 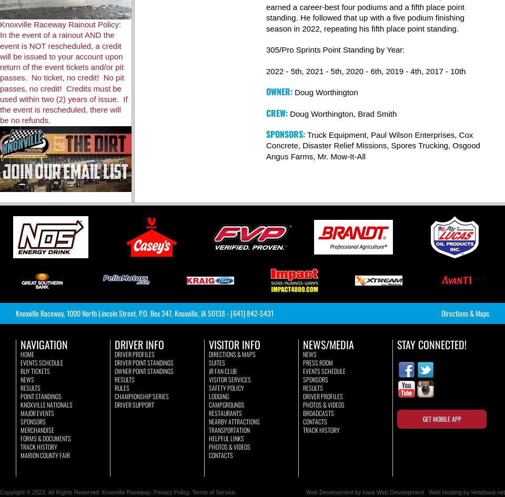 I want to click on 'Championship Series', so click(x=141, y=395).